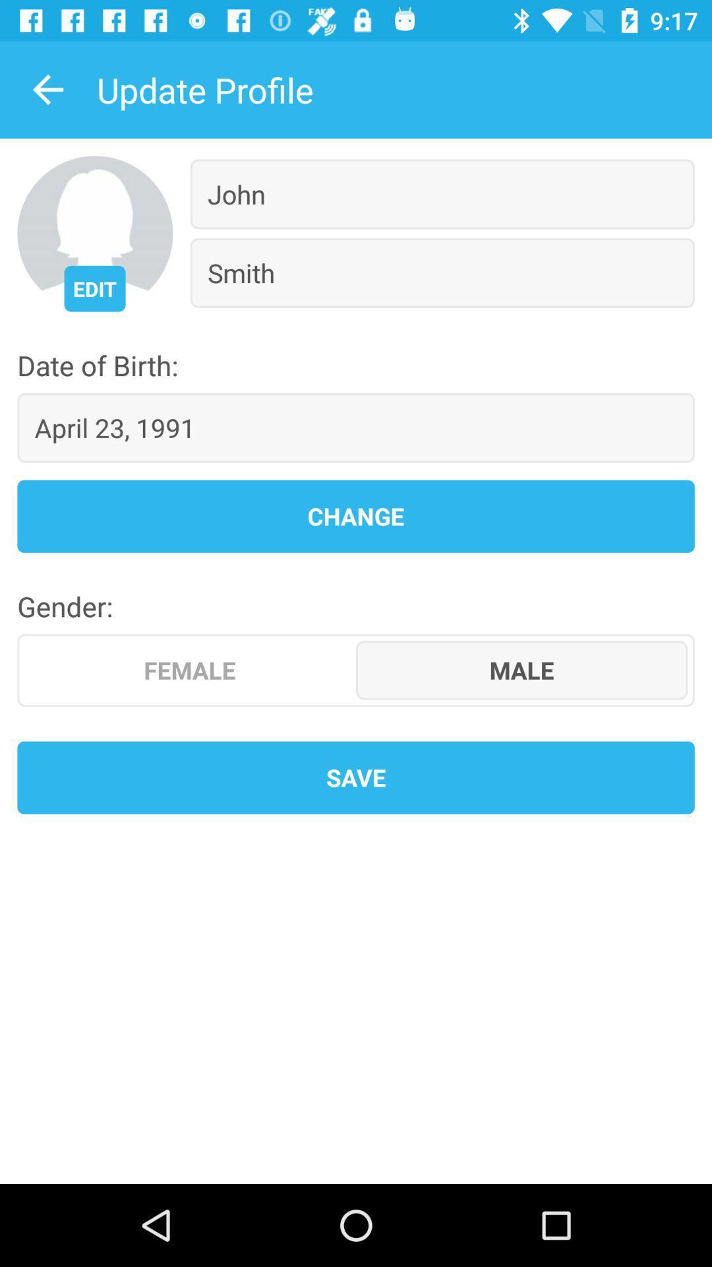  I want to click on the smith item, so click(442, 272).